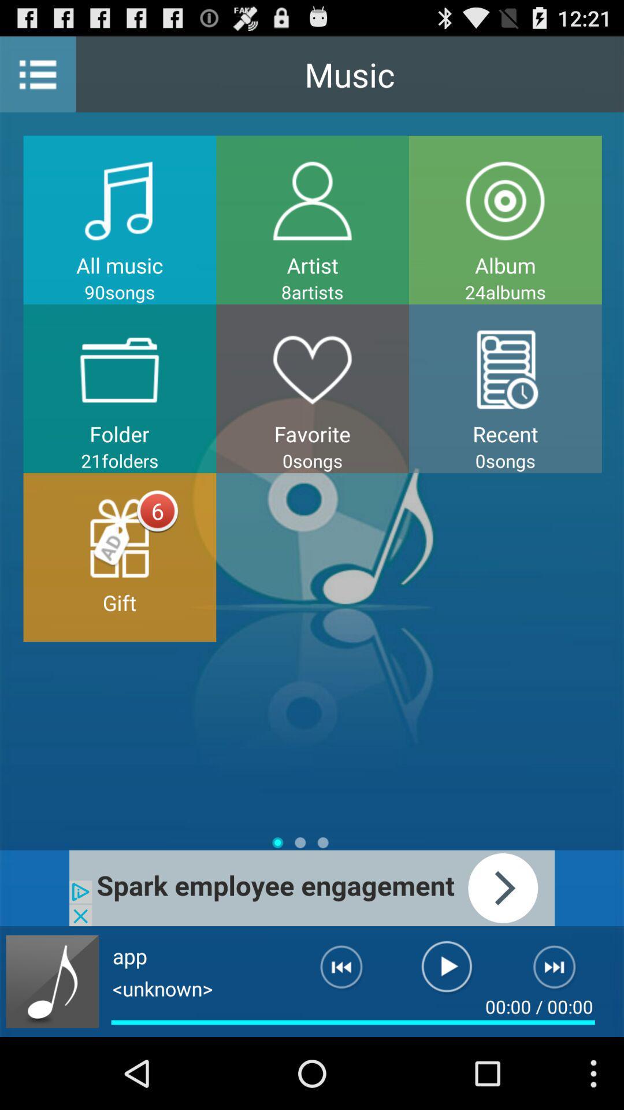 This screenshot has height=1110, width=624. What do you see at coordinates (561, 971) in the screenshot?
I see `fast forward or go to next song` at bounding box center [561, 971].